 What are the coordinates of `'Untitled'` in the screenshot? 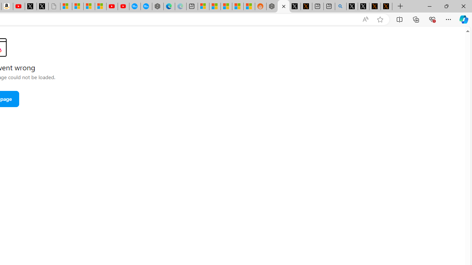 It's located at (54, 6).